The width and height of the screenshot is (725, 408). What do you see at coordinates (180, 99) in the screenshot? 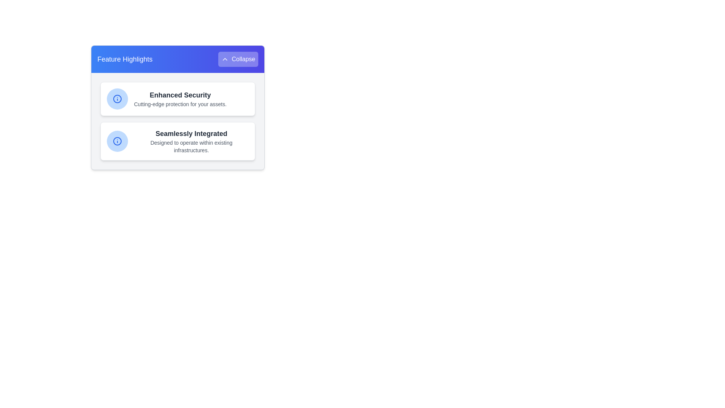
I see `the text block emphasizing advanced security measures located under the header 'Feature Highlights'` at bounding box center [180, 99].